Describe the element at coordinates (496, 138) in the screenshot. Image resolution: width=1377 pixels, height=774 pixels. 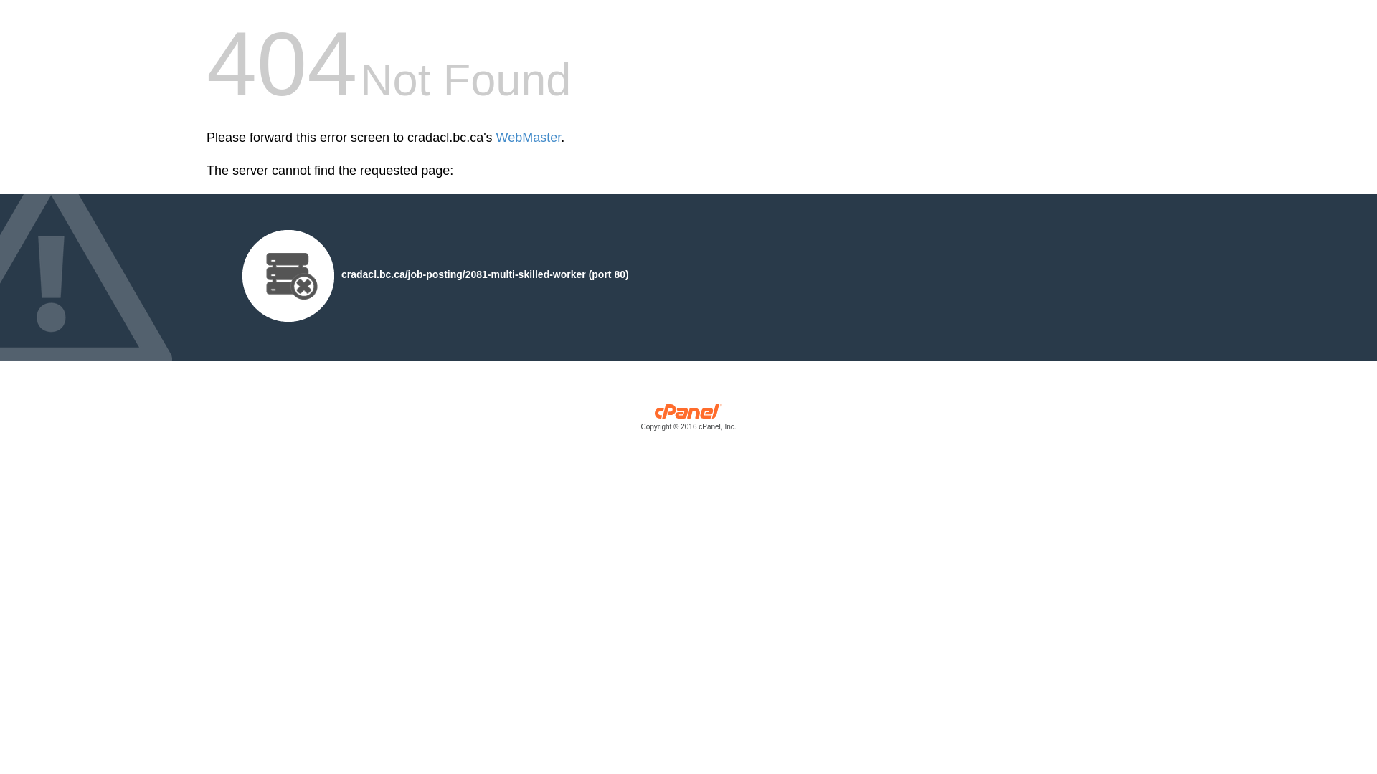
I see `'WebMaster'` at that location.